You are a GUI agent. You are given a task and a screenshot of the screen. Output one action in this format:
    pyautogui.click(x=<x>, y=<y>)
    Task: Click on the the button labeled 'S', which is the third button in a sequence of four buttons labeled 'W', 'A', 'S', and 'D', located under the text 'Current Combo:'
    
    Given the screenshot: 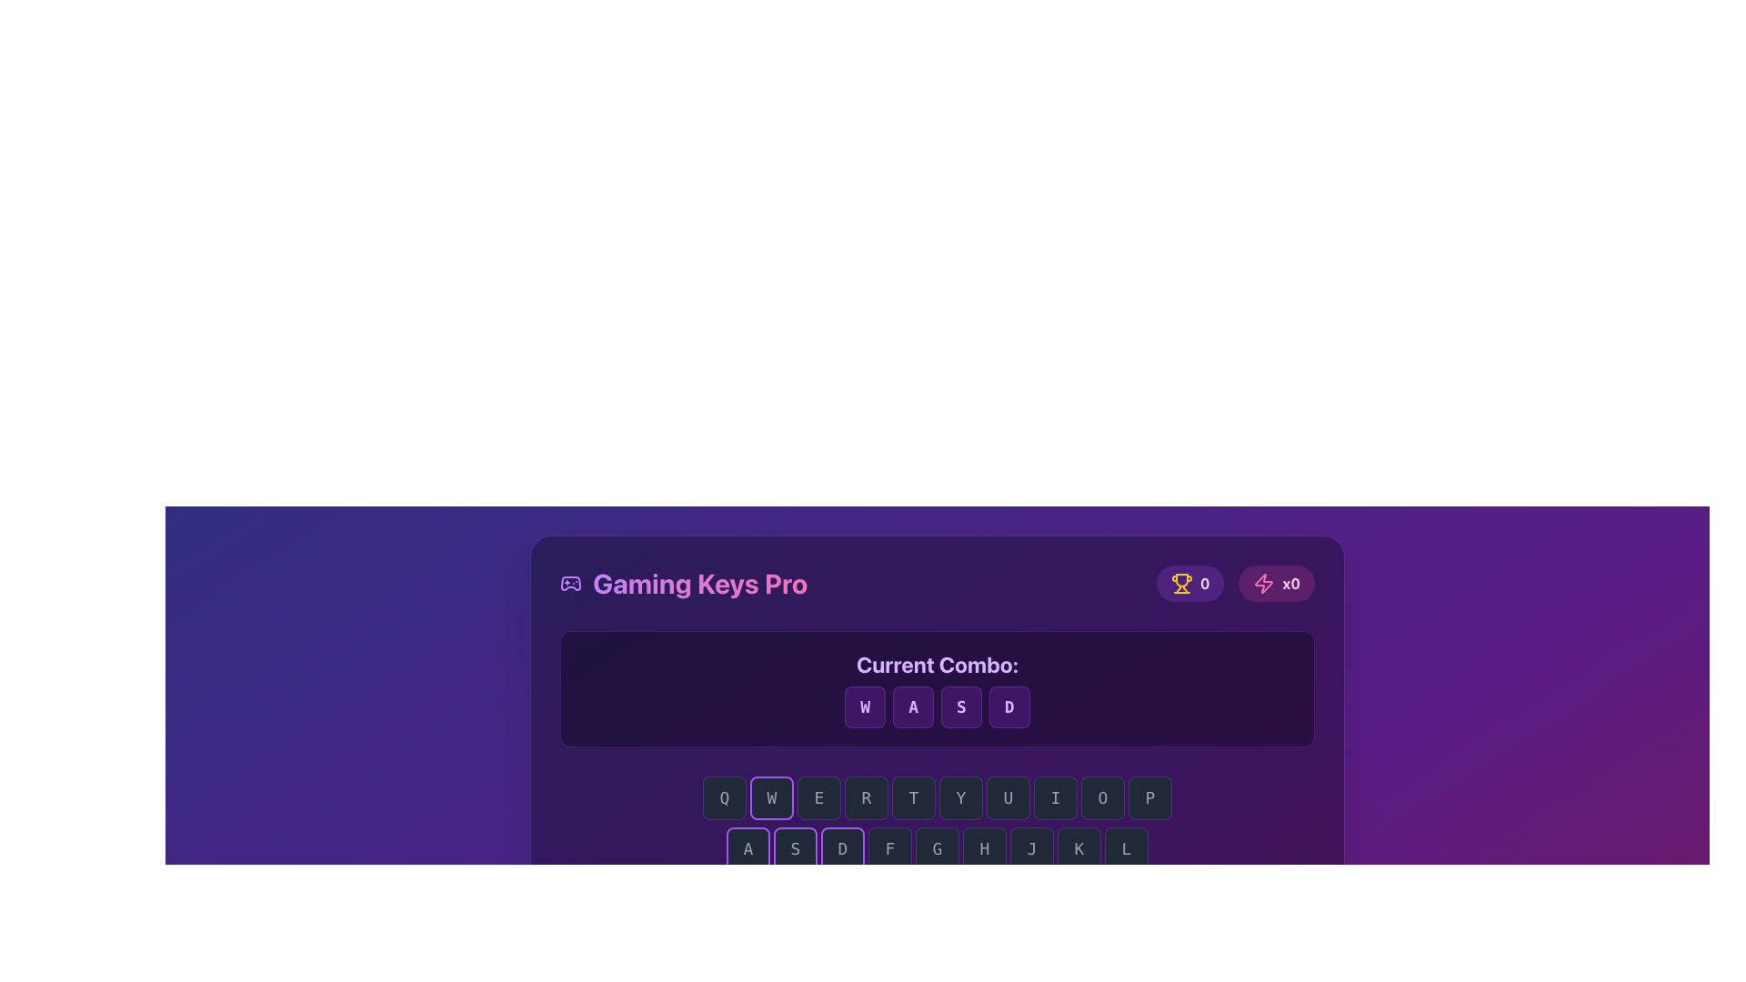 What is the action you would take?
    pyautogui.click(x=960, y=706)
    